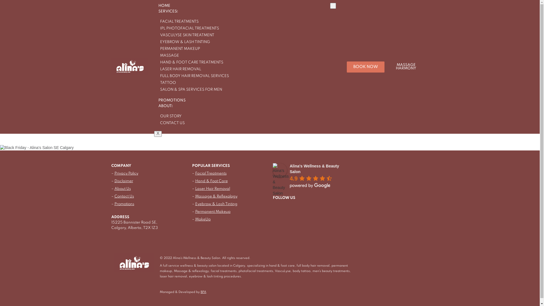 The height and width of the screenshot is (306, 544). Describe the element at coordinates (195, 196) in the screenshot. I see `'Massage & Reflexology'` at that location.